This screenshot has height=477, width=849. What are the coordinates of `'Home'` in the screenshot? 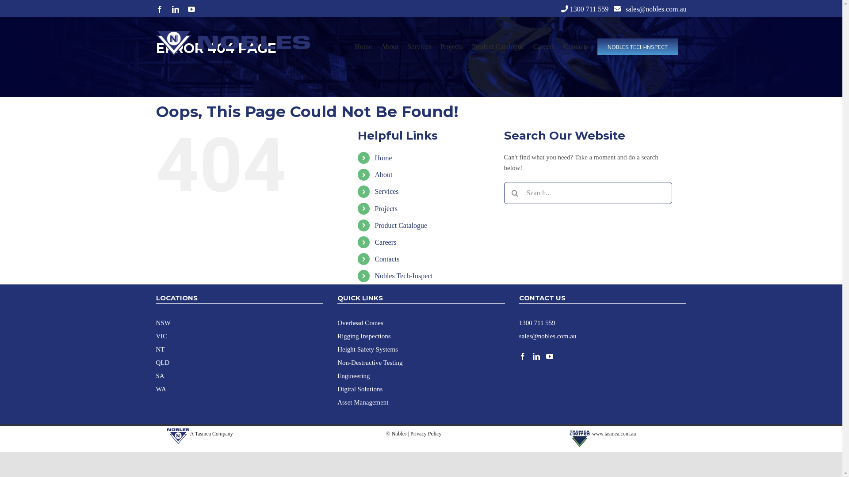 It's located at (363, 46).